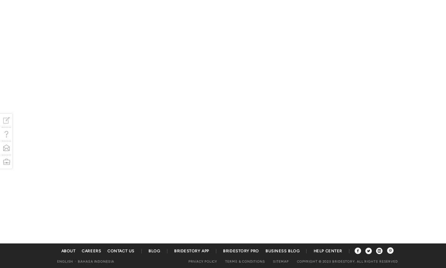  Describe the element at coordinates (68, 251) in the screenshot. I see `'About'` at that location.